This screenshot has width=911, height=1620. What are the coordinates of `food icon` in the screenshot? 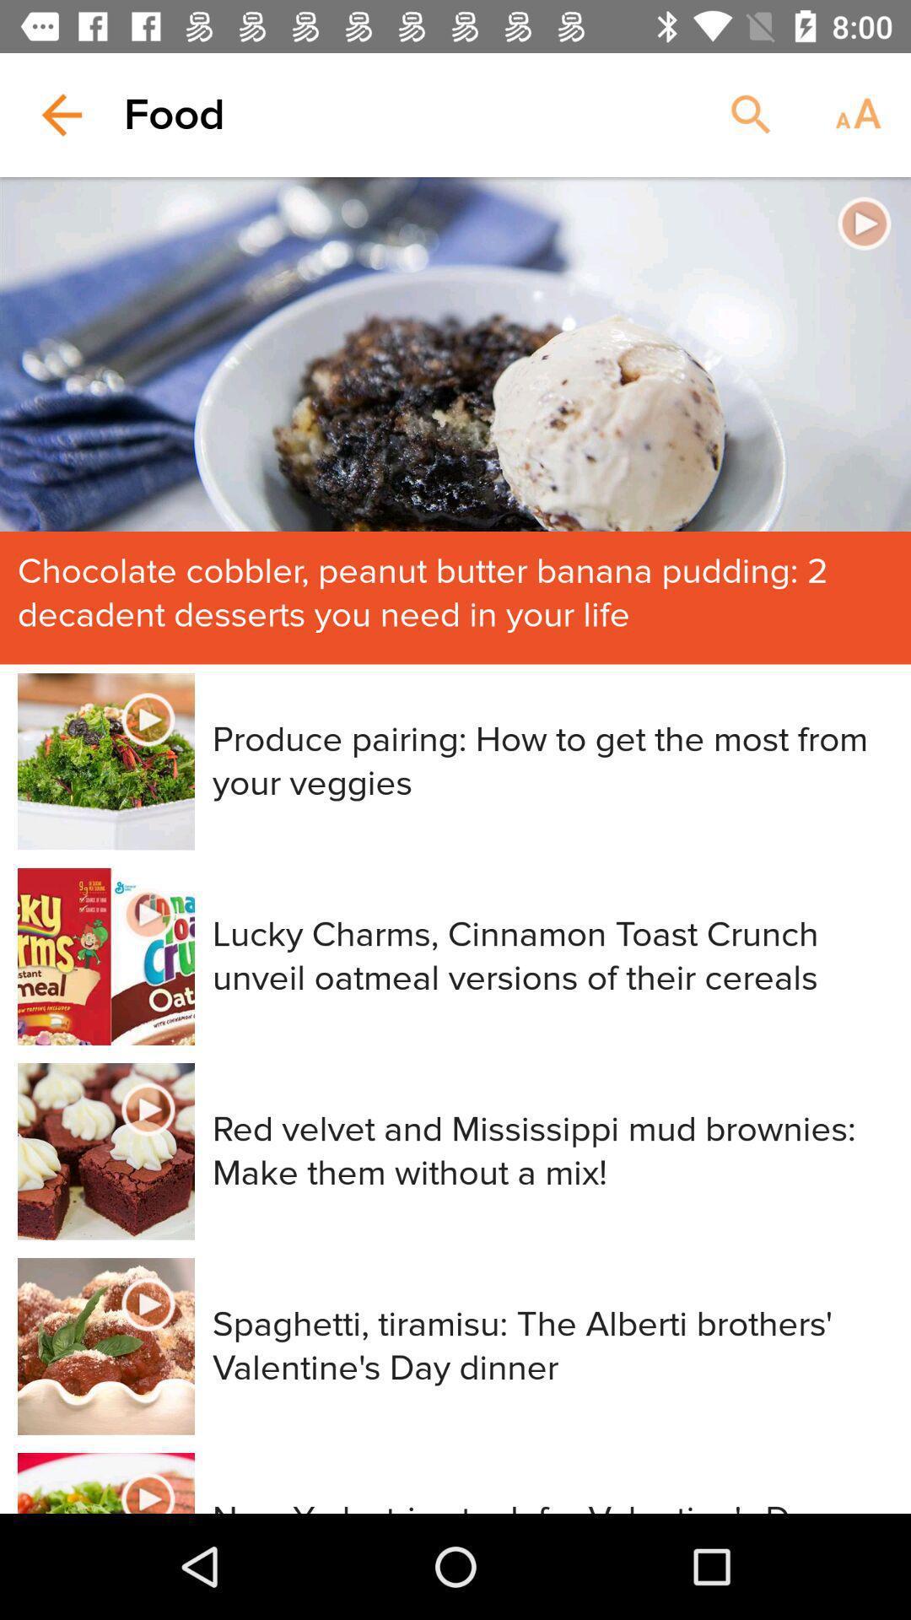 It's located at (175, 114).